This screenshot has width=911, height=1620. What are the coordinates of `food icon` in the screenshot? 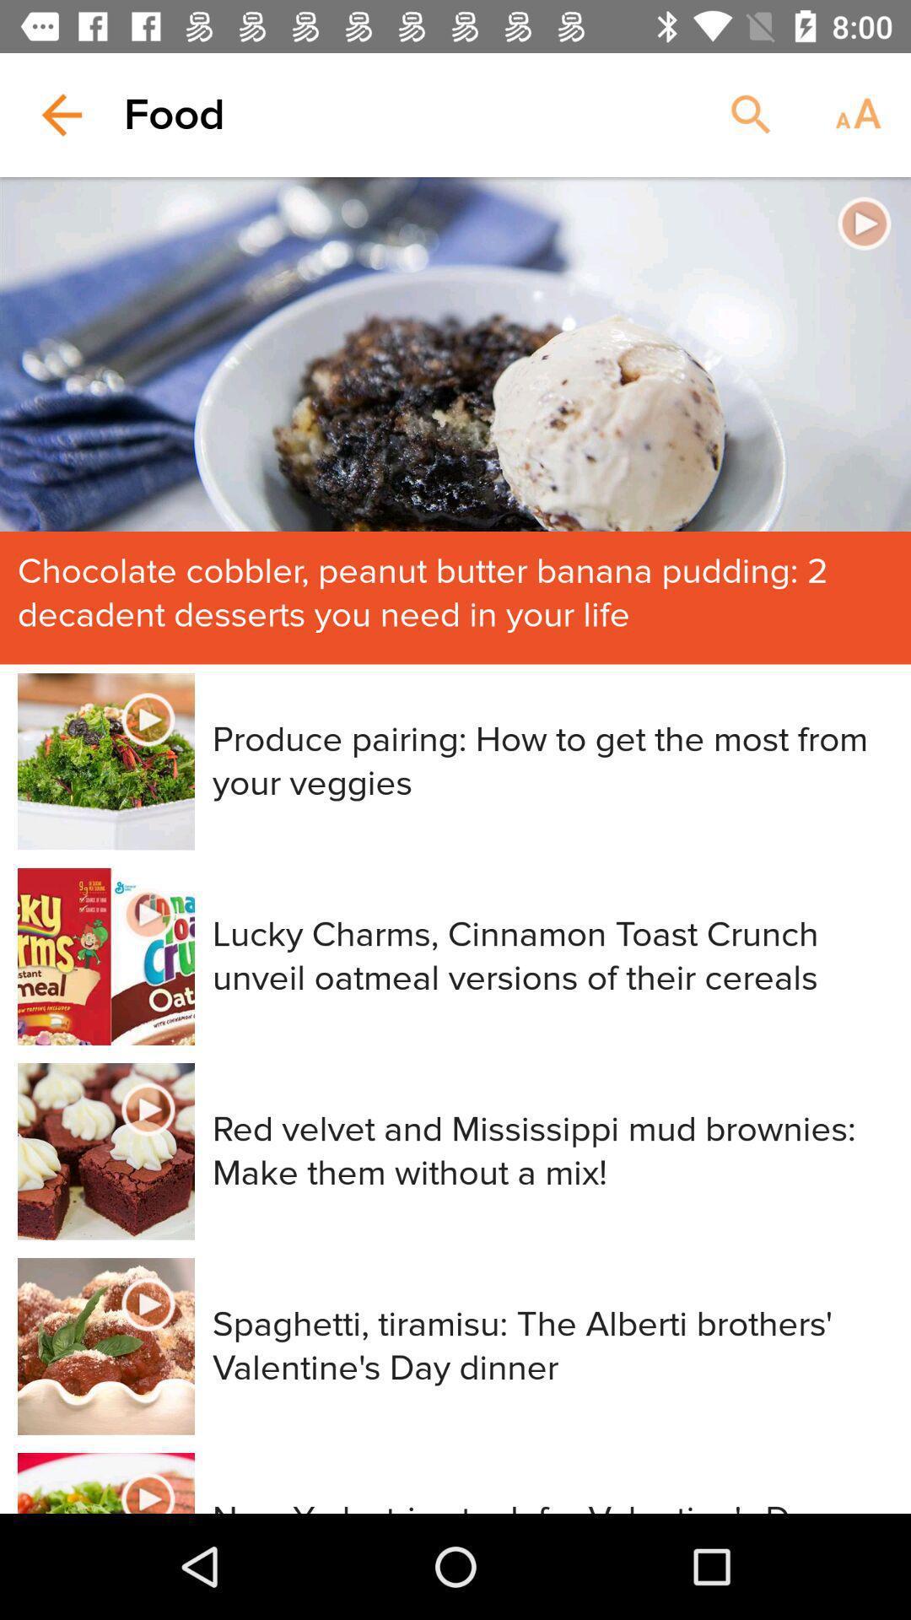 It's located at (175, 114).